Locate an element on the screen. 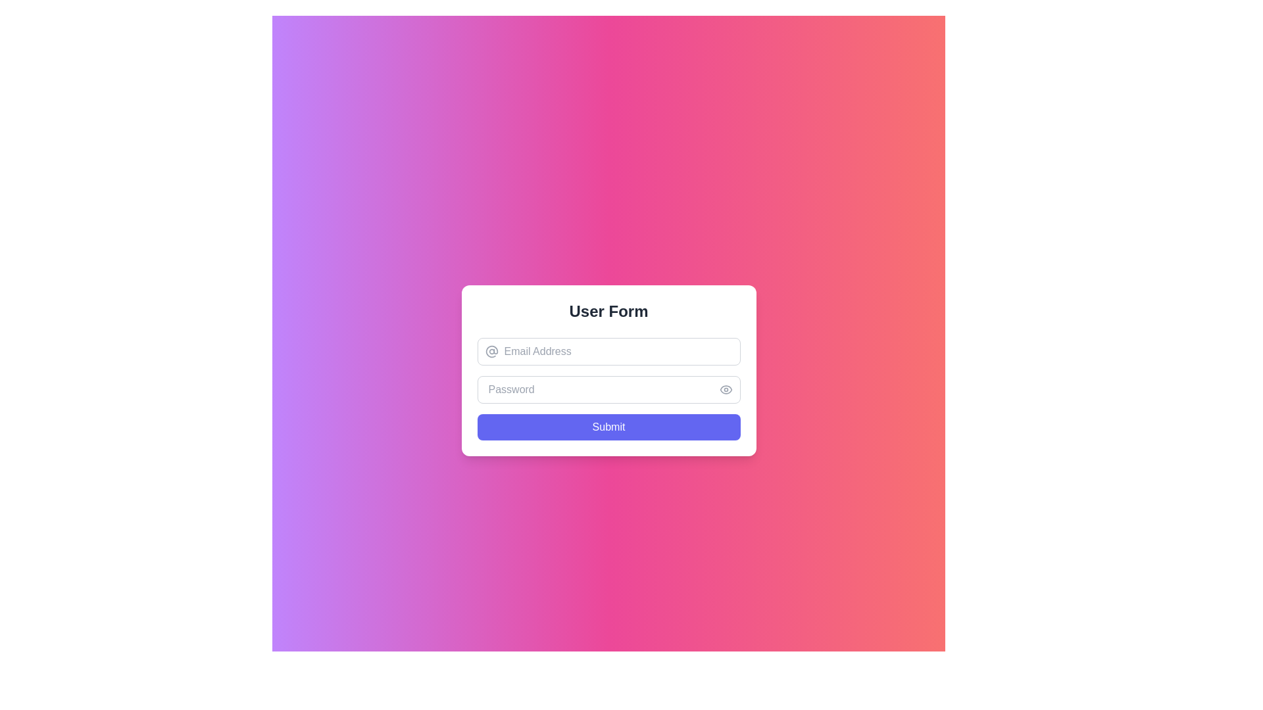 The width and height of the screenshot is (1263, 710). the circular '@' icon element, which is visually represented with a thin outline and gray color, located to the left of the email input field and aligned vertically centered with it is located at coordinates (491, 351).